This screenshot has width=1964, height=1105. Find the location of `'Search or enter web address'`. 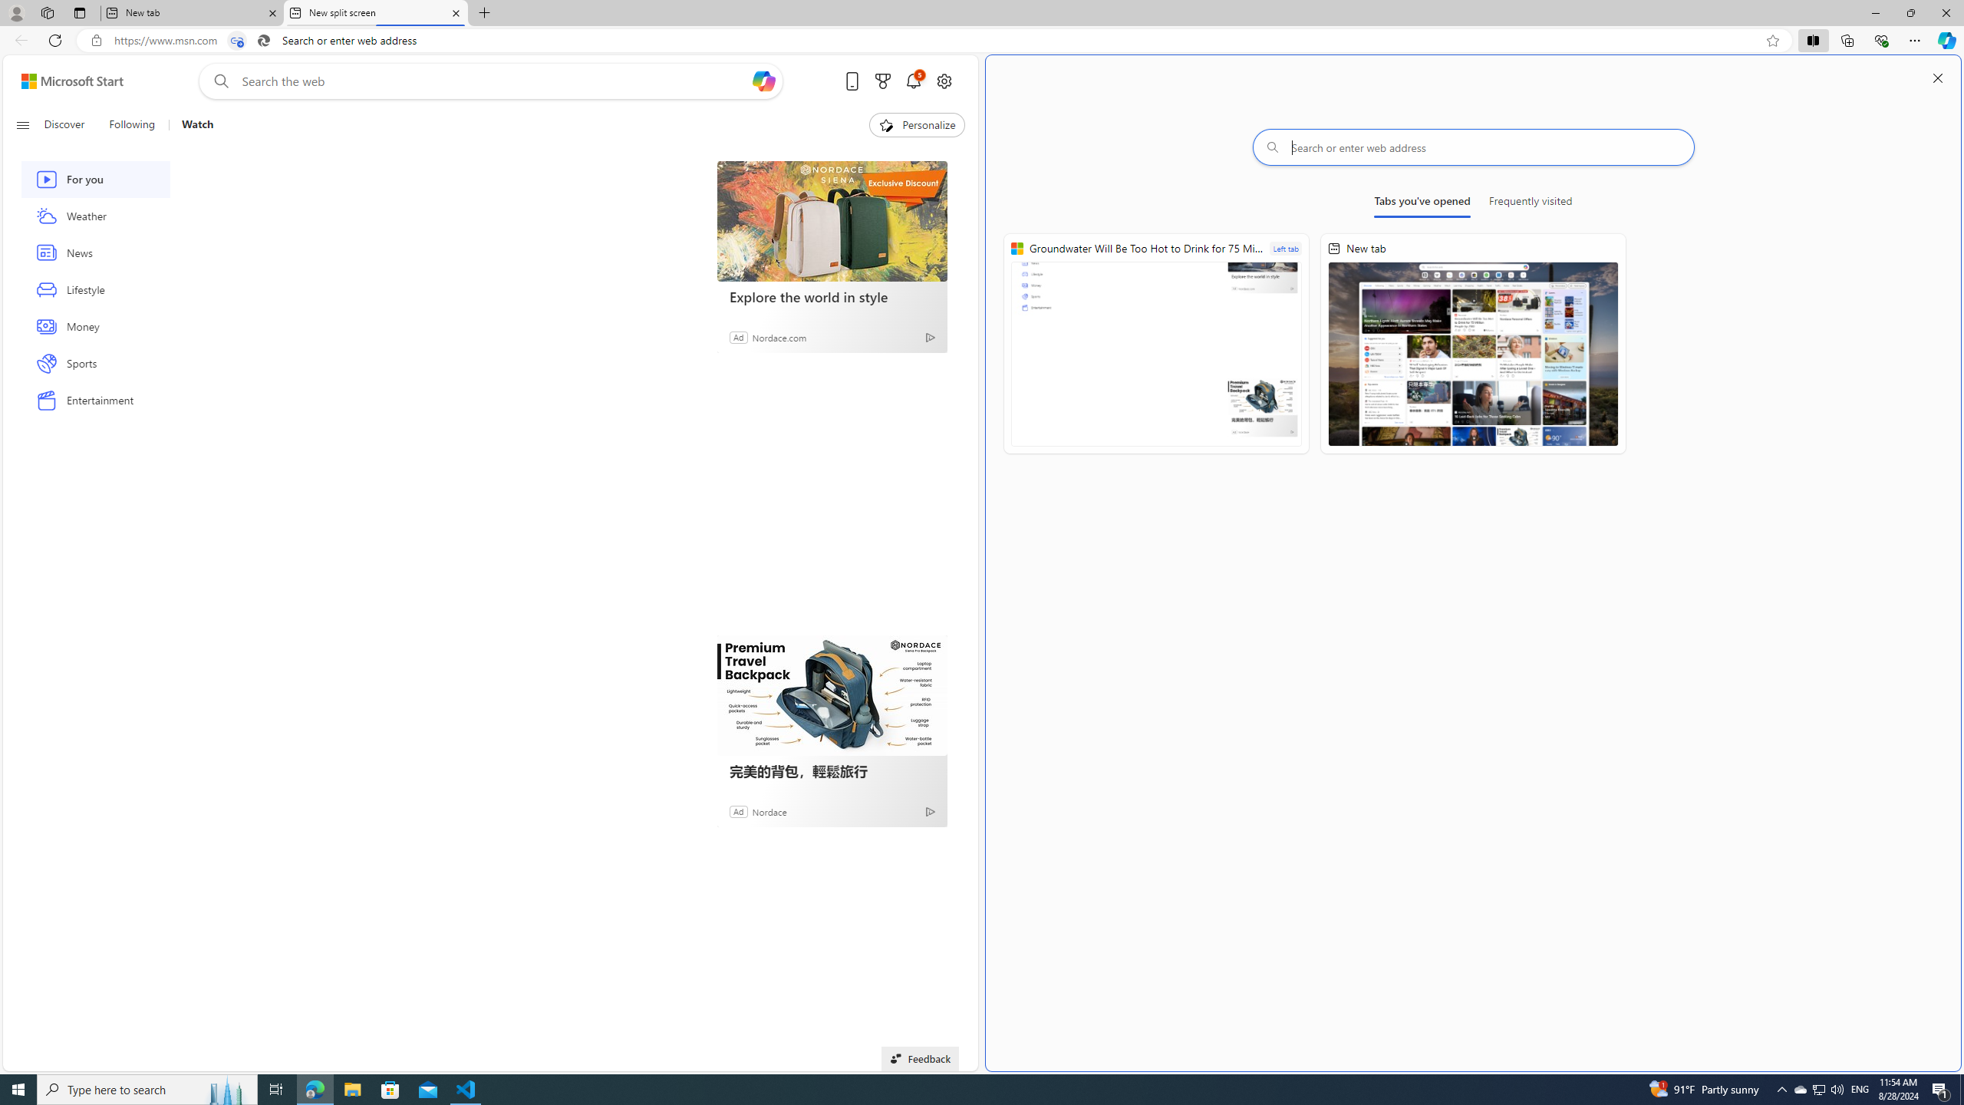

'Search or enter web address' is located at coordinates (1473, 147).